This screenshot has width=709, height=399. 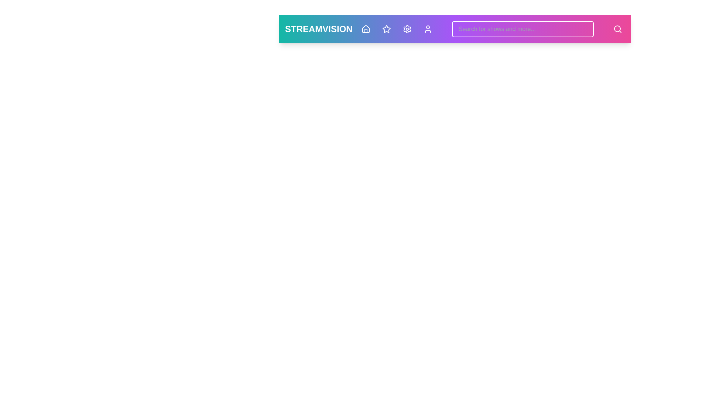 What do you see at coordinates (428, 28) in the screenshot?
I see `the user navigation button` at bounding box center [428, 28].